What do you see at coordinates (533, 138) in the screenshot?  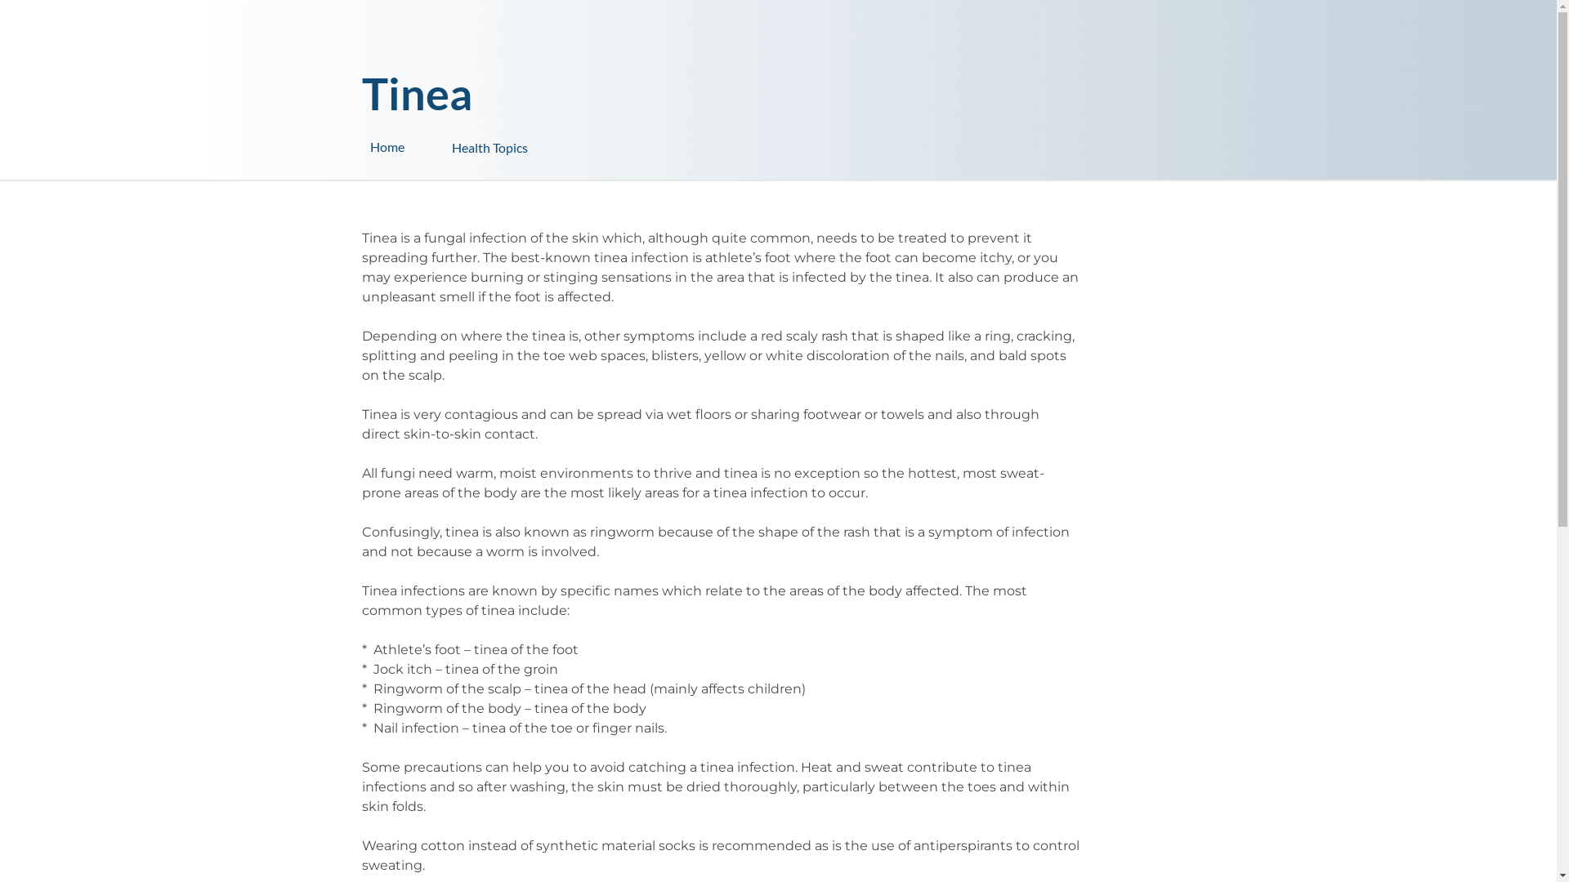 I see `'Health Topics'` at bounding box center [533, 138].